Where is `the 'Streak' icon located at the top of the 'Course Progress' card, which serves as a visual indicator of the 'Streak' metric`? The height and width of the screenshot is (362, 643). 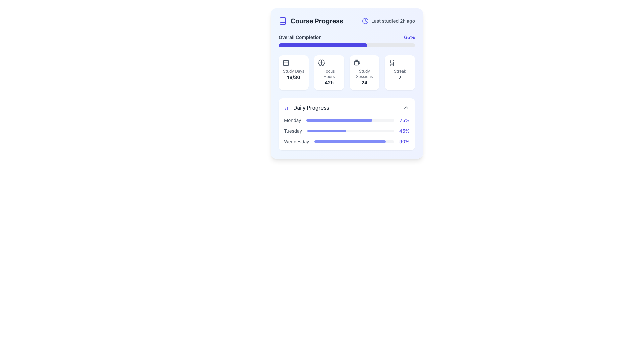
the 'Streak' icon located at the top of the 'Course Progress' card, which serves as a visual indicator of the 'Streak' metric is located at coordinates (392, 62).